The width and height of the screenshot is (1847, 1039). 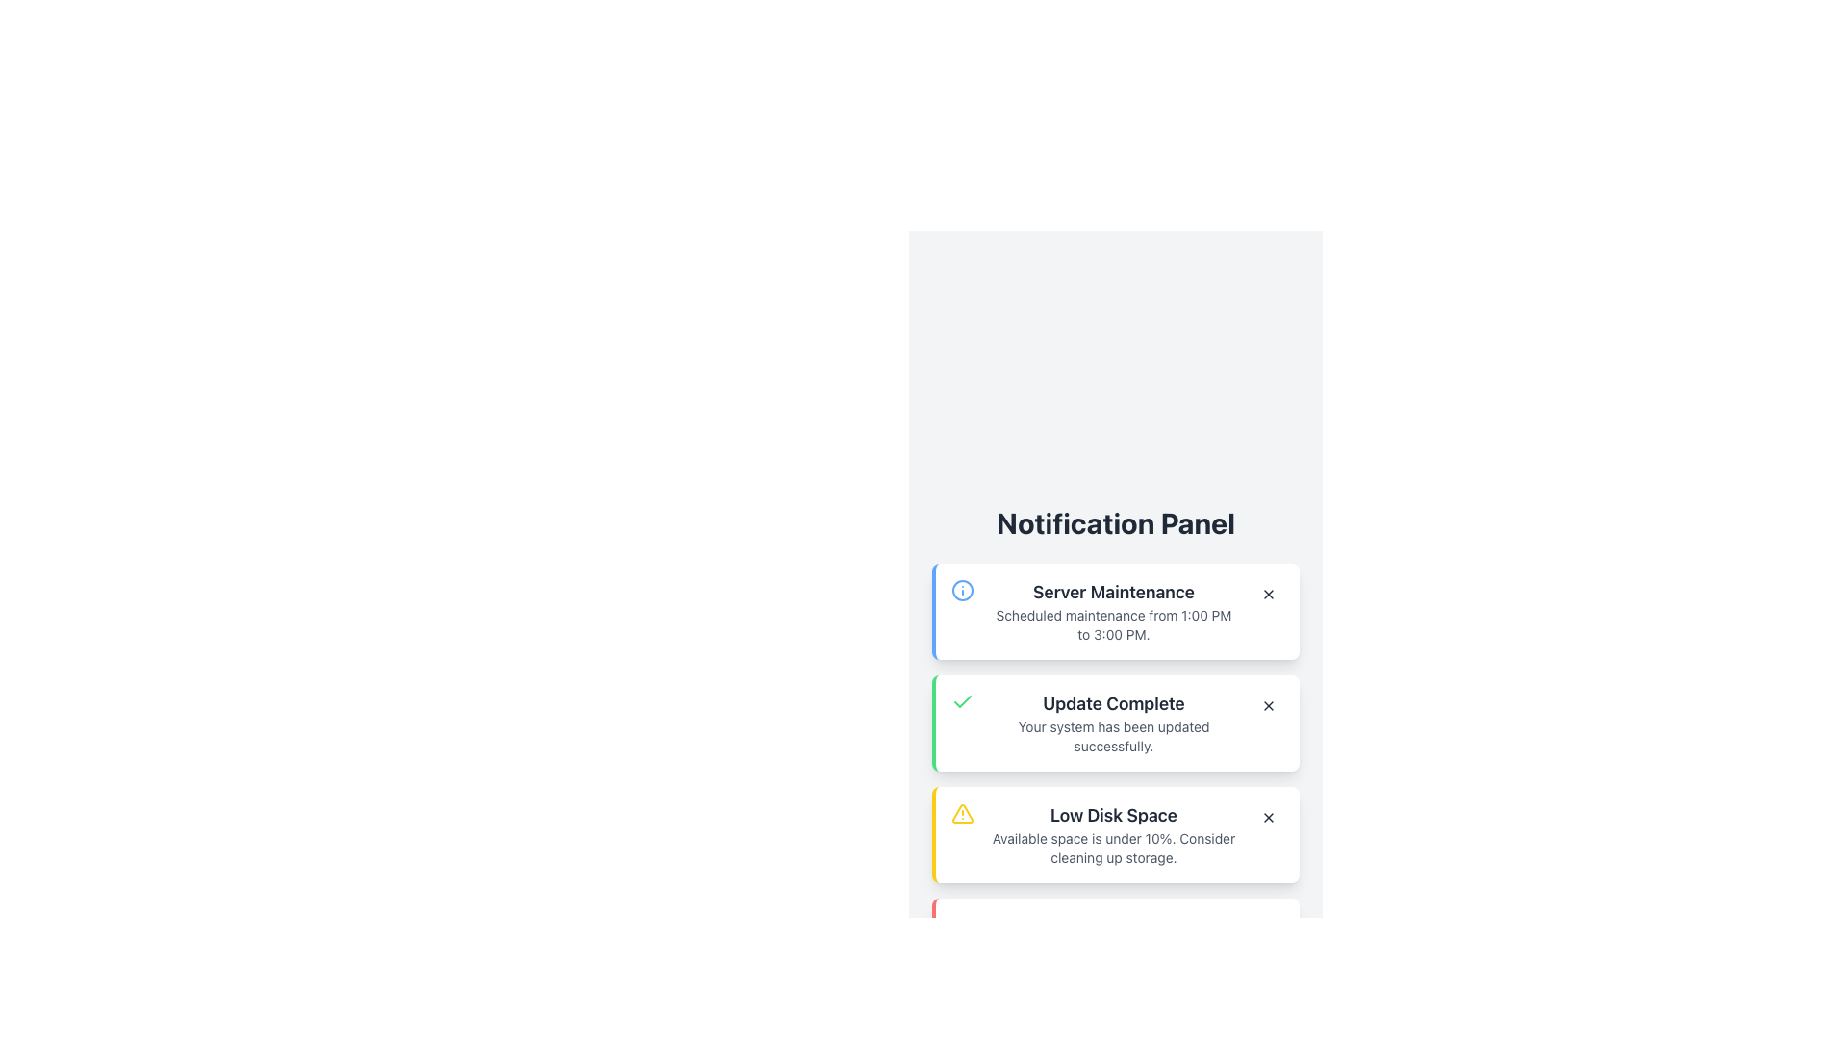 What do you see at coordinates (963, 813) in the screenshot?
I see `the visual warning indicator icon within the 'Low Disk Space' notification card` at bounding box center [963, 813].